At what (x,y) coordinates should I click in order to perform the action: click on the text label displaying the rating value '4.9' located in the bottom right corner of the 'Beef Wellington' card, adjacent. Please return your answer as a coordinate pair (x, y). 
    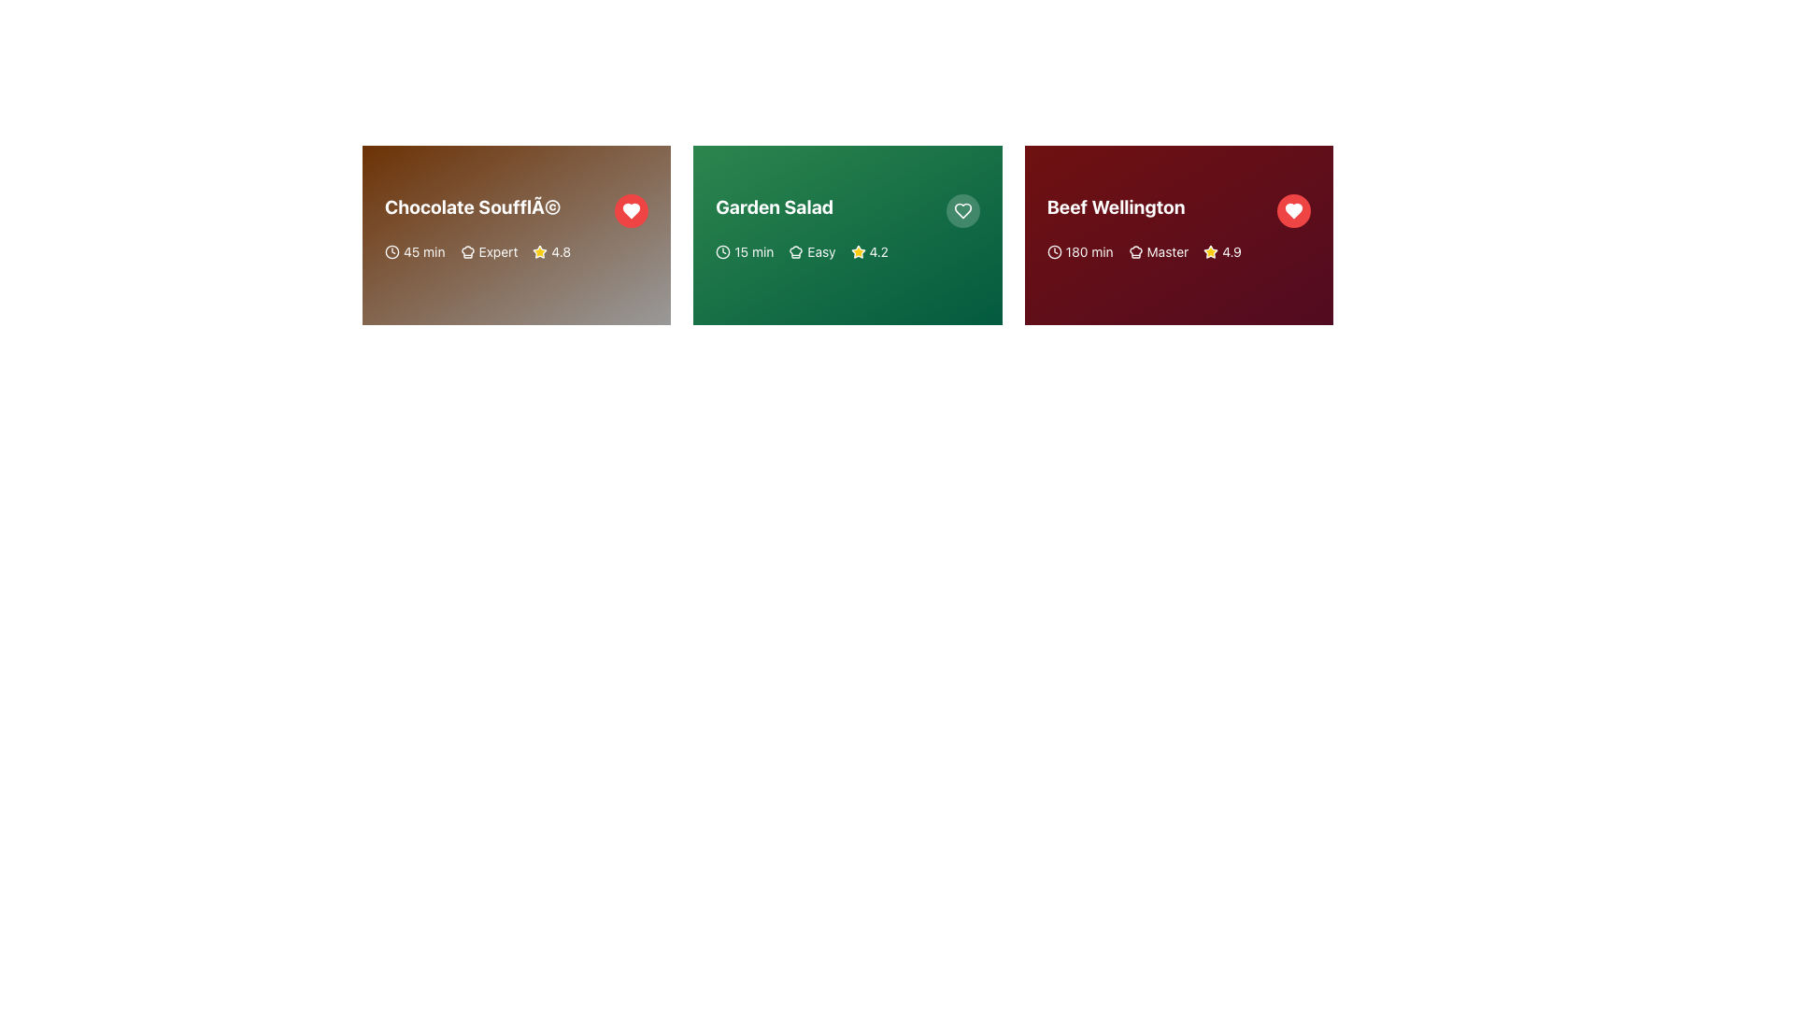
    Looking at the image, I should click on (1232, 252).